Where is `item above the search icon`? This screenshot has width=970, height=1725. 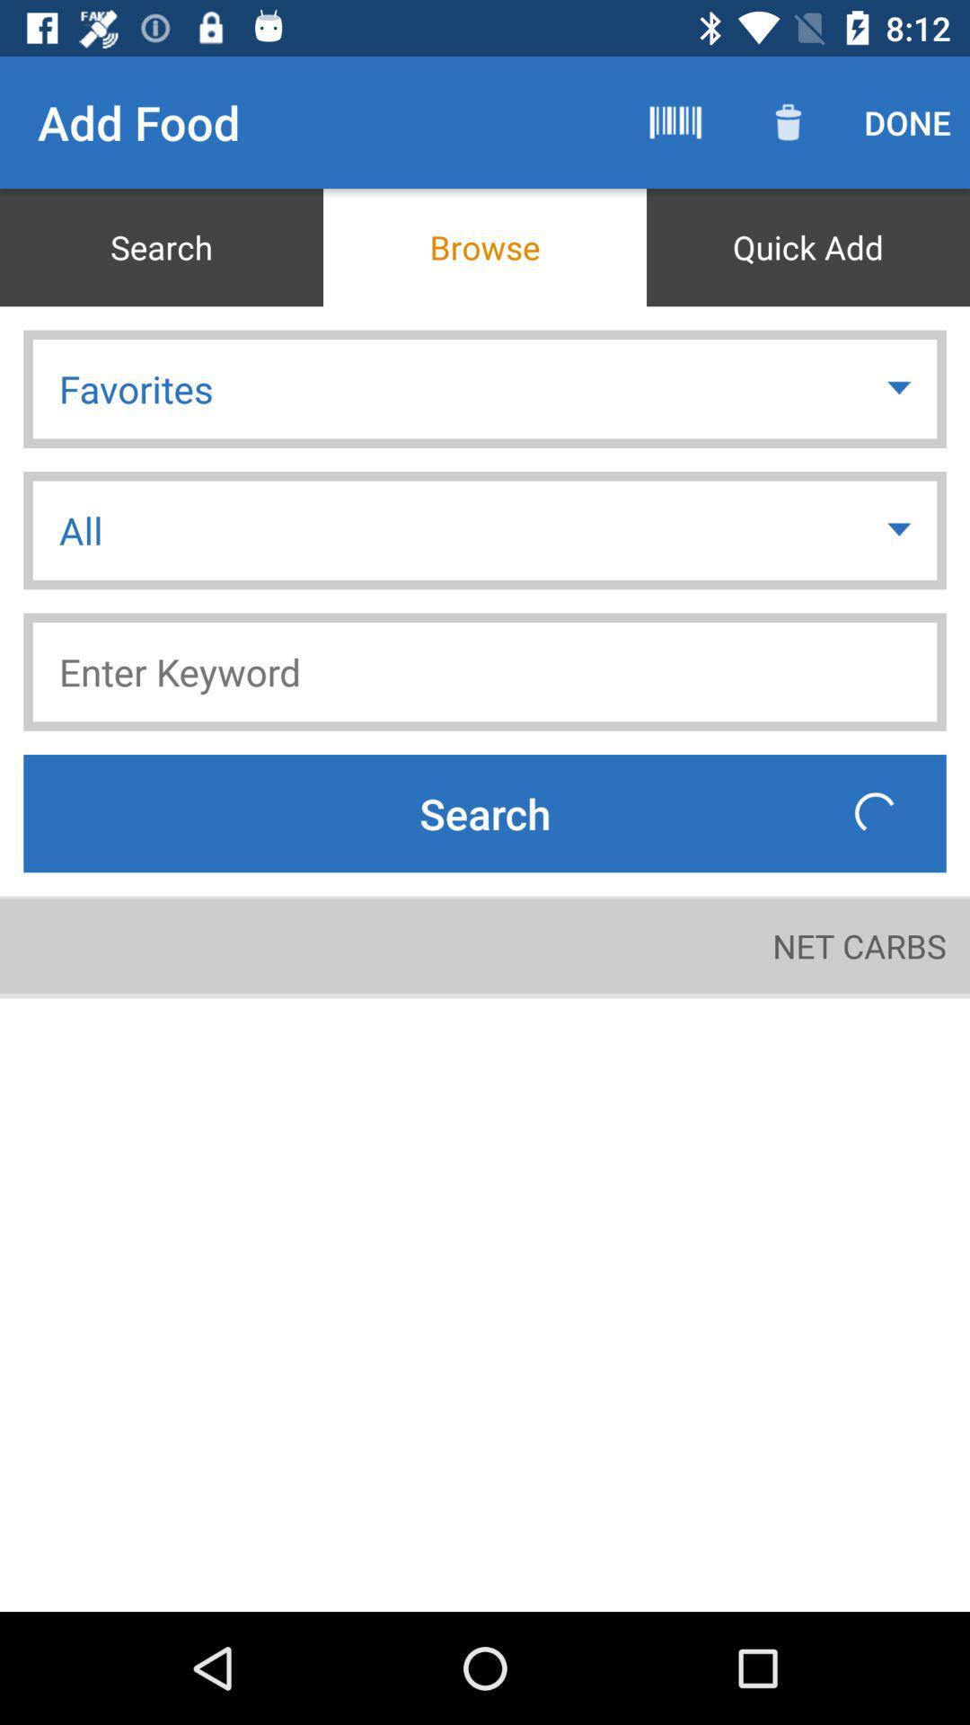
item above the search icon is located at coordinates (485, 671).